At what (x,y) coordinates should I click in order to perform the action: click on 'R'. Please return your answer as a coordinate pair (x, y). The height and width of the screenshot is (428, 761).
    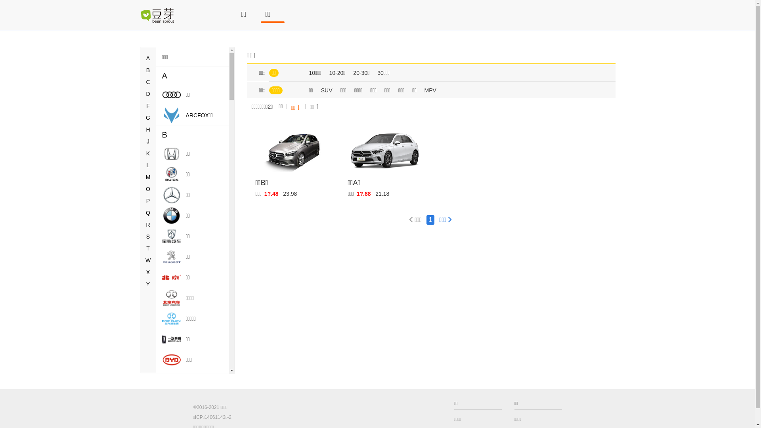
    Looking at the image, I should click on (148, 225).